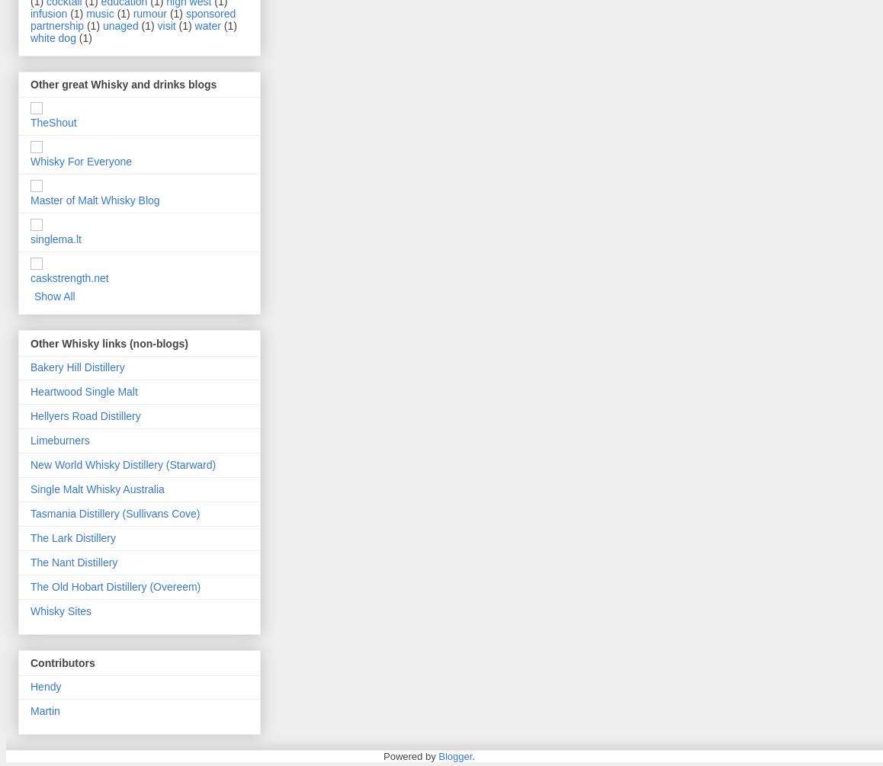 The width and height of the screenshot is (883, 766). I want to click on 'water', so click(207, 25).